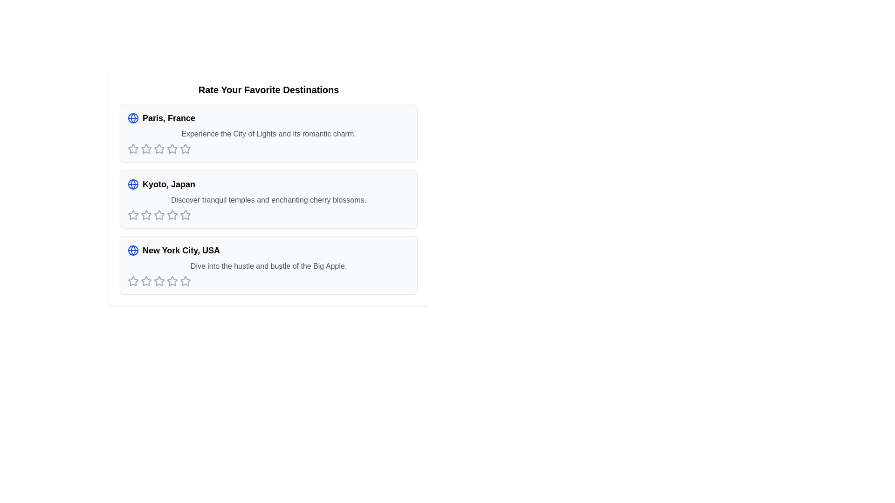 This screenshot has height=503, width=895. Describe the element at coordinates (172, 215) in the screenshot. I see `the second star-shaped IconButton under the 'Kyoto, Japan' section for keyboard interaction` at that location.